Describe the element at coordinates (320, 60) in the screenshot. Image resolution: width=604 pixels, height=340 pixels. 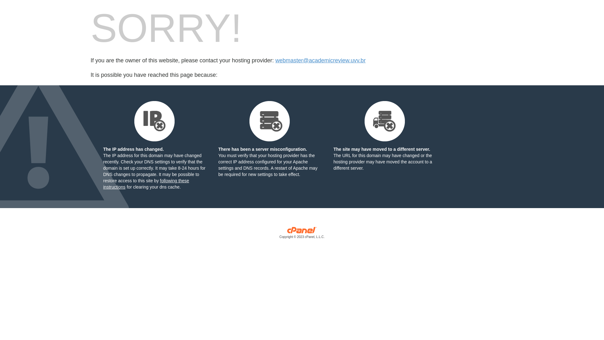
I see `'webmaster@academicreview.uvv.br'` at that location.